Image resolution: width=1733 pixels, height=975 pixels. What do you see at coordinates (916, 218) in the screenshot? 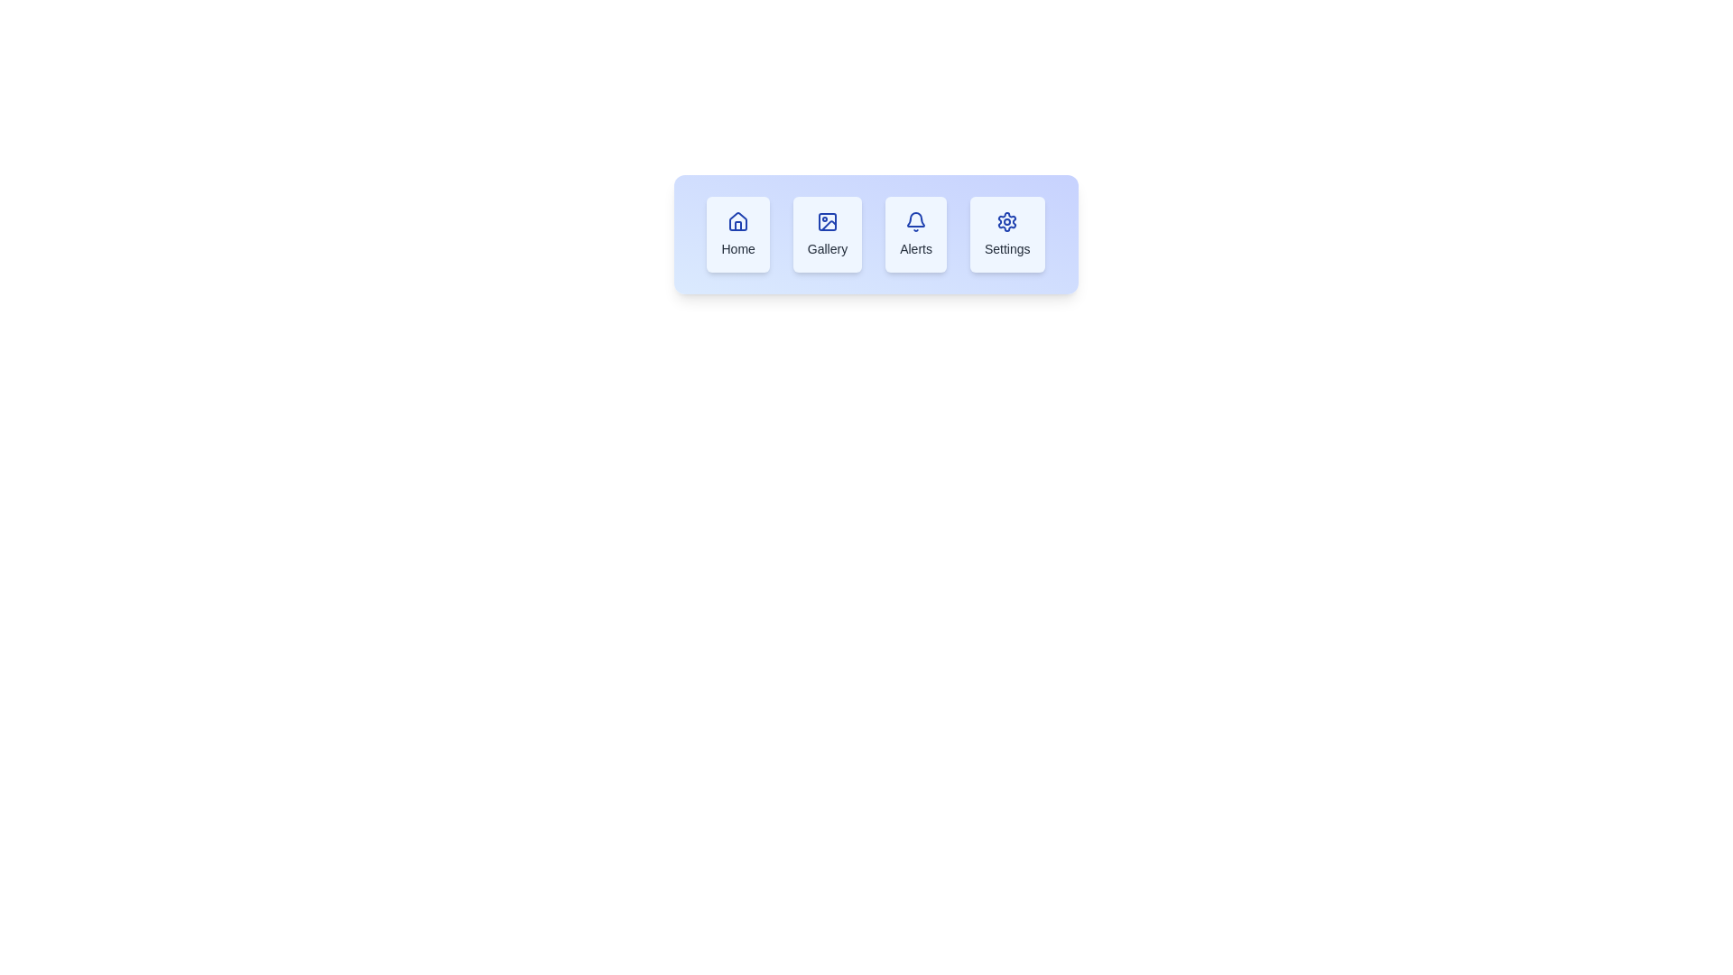
I see `the bell icon located in the Alerts section, which visually informs the user about alerts or notifications` at bounding box center [916, 218].